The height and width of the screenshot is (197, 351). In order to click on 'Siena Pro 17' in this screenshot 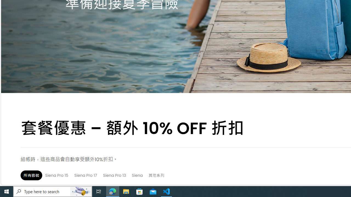, I will do `click(85, 175)`.